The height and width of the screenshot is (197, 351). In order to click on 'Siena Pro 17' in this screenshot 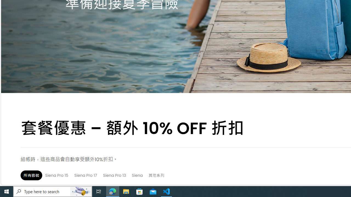, I will do `click(85, 175)`.